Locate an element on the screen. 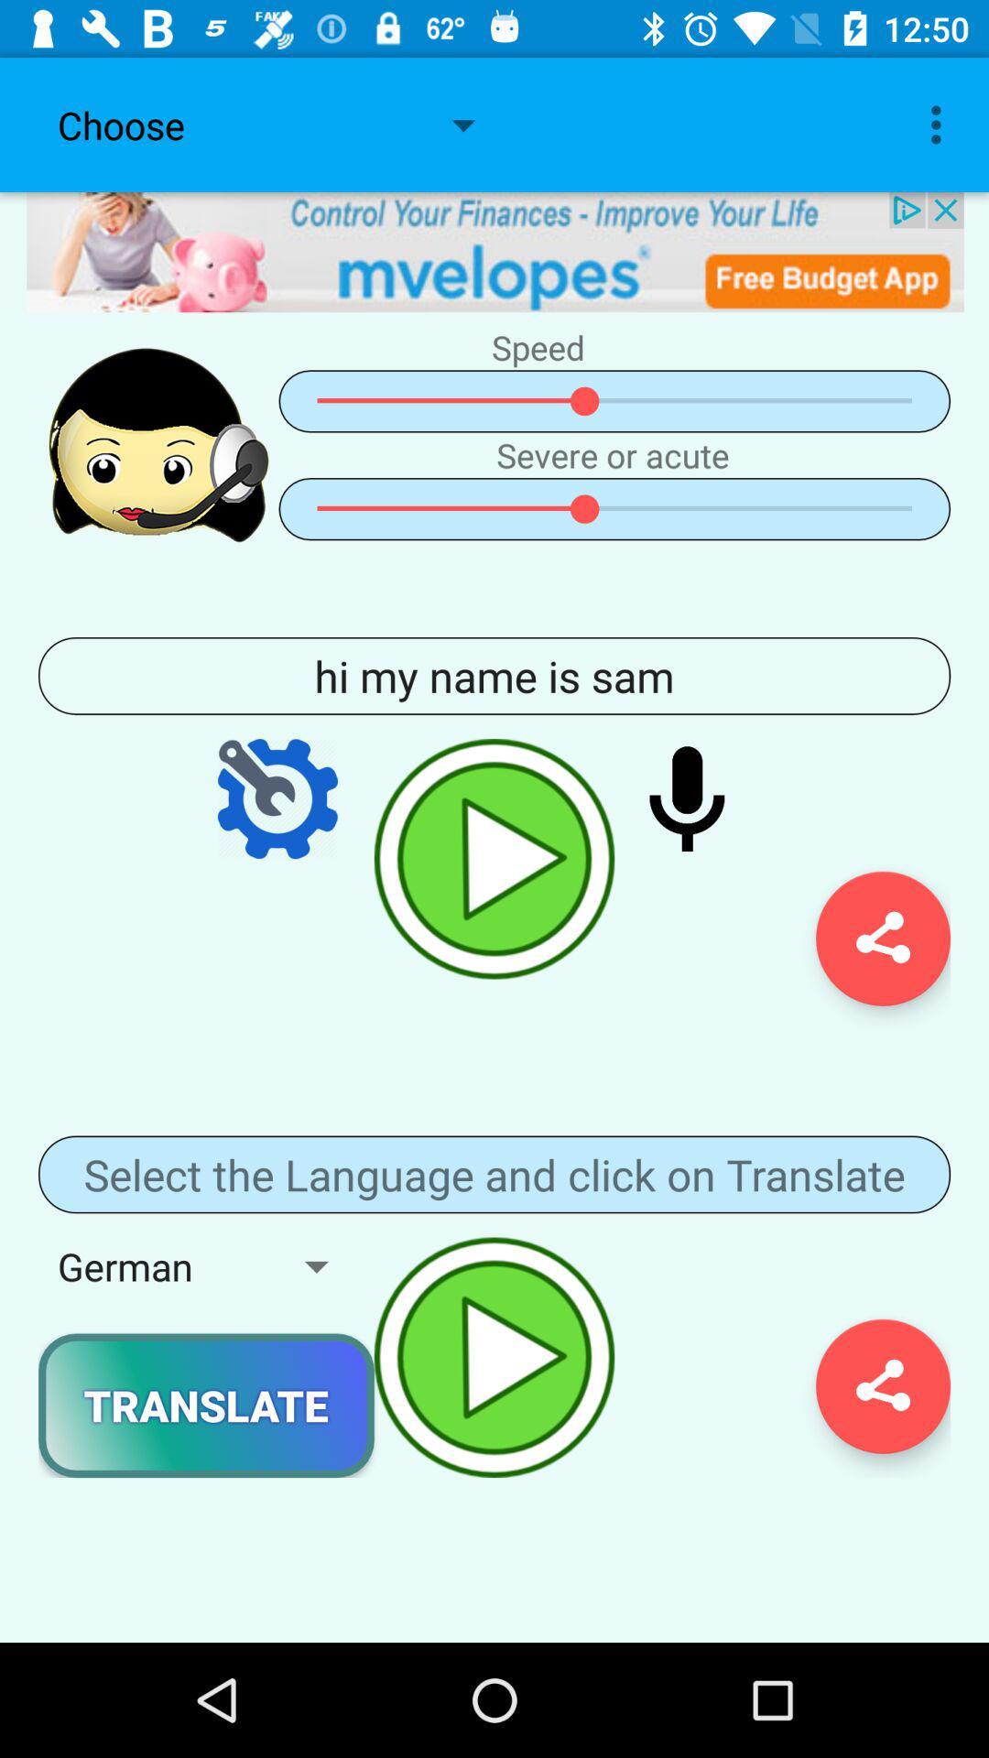  the share icon is located at coordinates (882, 939).